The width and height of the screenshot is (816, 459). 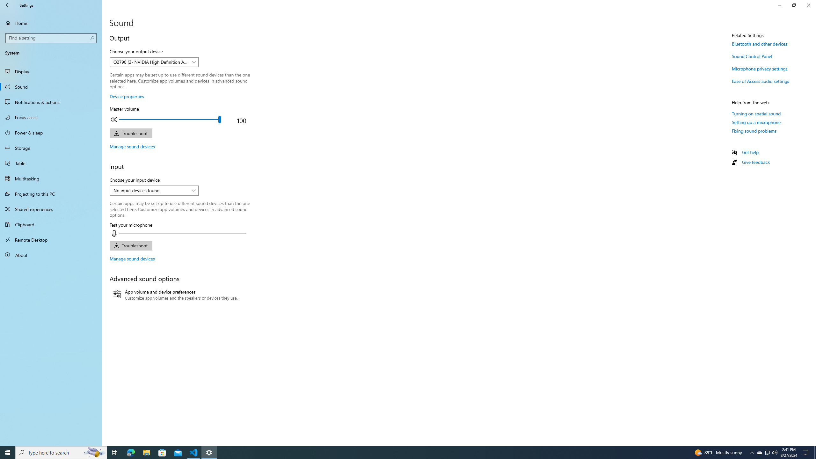 I want to click on 'Power & sleep', so click(x=51, y=132).